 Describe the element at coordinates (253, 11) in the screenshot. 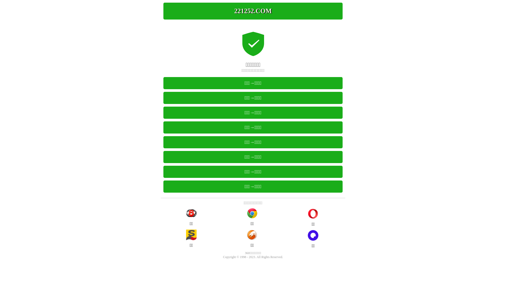

I see `'221252.COM'` at that location.